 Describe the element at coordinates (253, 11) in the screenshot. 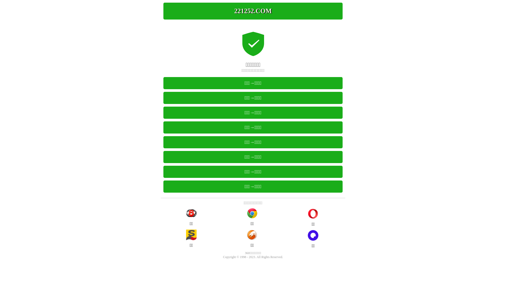

I see `'221252.COM'` at that location.